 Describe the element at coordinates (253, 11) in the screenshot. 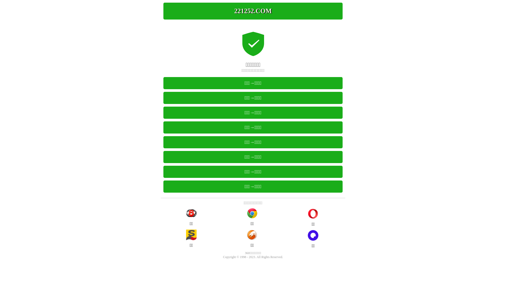

I see `'221252.COM'` at that location.